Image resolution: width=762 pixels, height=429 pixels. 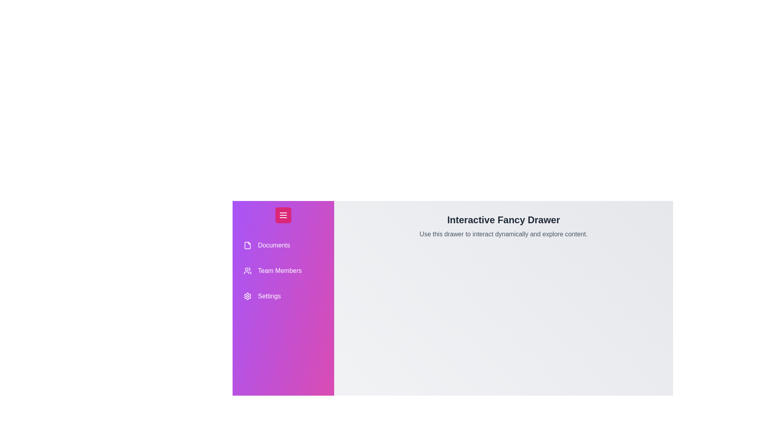 What do you see at coordinates (283, 245) in the screenshot?
I see `the drawer item Documents to select it` at bounding box center [283, 245].